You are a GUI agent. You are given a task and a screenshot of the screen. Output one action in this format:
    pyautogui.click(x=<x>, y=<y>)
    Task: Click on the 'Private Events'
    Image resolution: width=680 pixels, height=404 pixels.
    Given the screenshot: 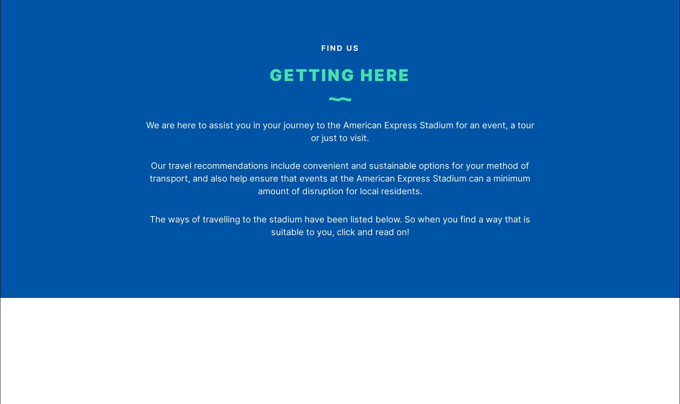 What is the action you would take?
    pyautogui.click(x=123, y=101)
    